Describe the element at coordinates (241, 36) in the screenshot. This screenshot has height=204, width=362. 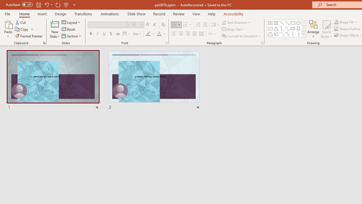
I see `'Convert to SmartArt'` at that location.